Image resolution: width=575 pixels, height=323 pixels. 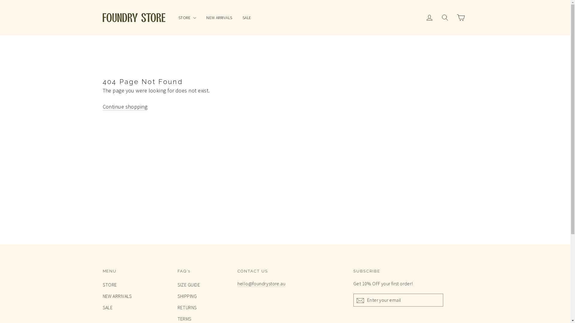 I want to click on 'NEW ARRIVALS', so click(x=135, y=296).